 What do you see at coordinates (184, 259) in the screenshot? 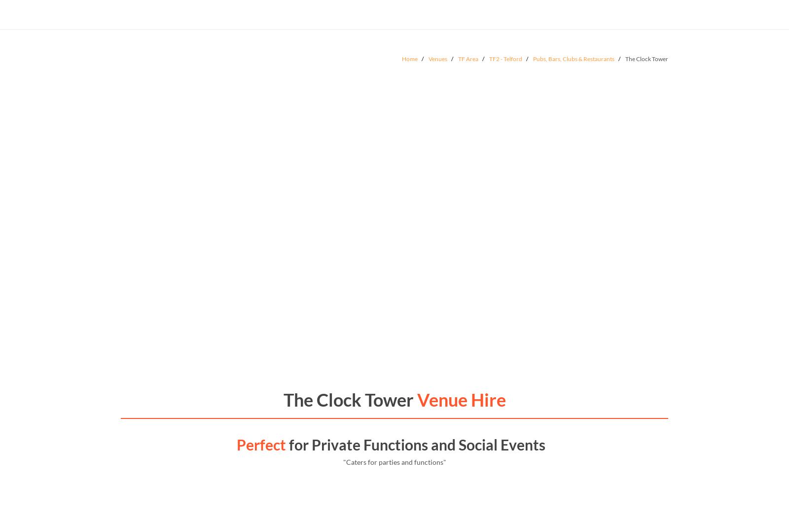
I see `'The White Horse Tavern'` at bounding box center [184, 259].